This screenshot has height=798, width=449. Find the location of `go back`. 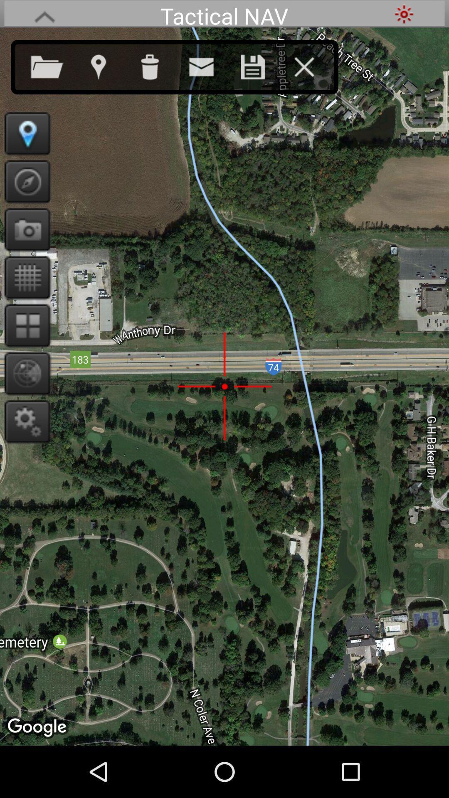

go back is located at coordinates (44, 14).